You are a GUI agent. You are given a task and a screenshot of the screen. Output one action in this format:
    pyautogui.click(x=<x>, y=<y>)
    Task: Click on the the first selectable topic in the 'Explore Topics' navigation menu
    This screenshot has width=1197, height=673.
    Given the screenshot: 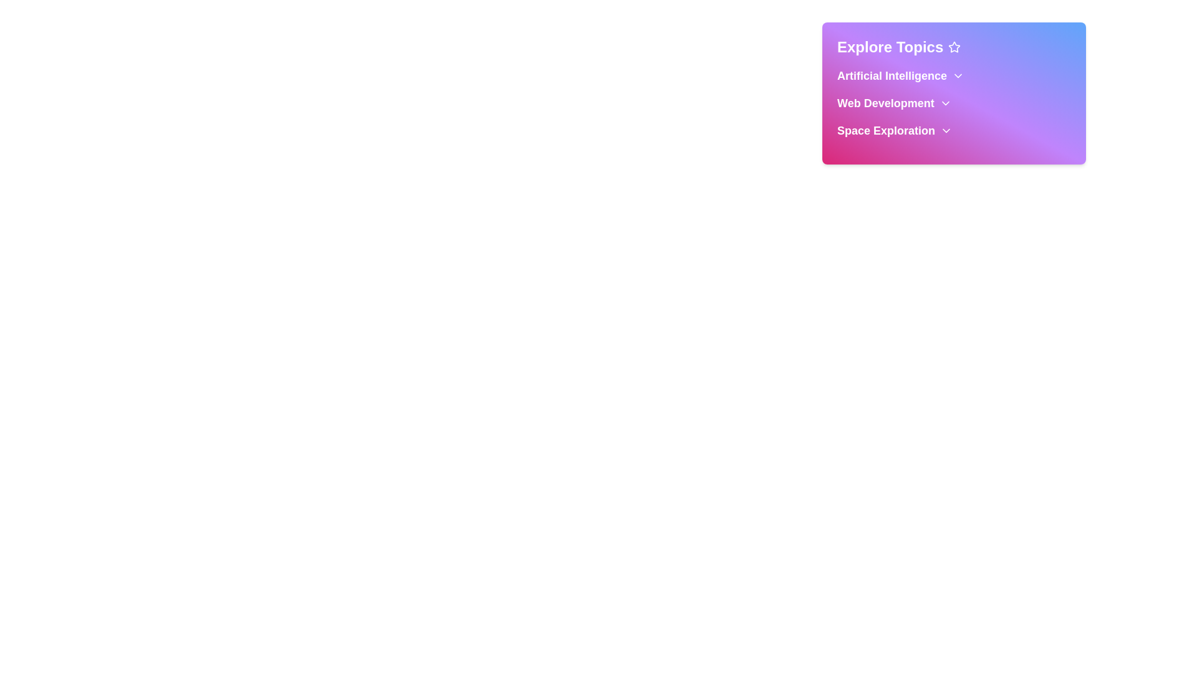 What is the action you would take?
    pyautogui.click(x=891, y=76)
    